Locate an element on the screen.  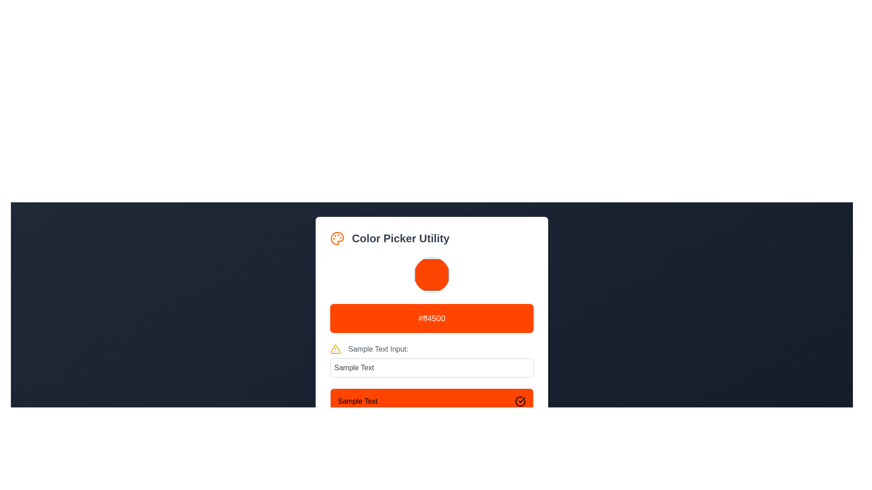
displayed hexadecimal color code '#ff4500' from the display element located below the circular icon and above the text labeled 'Sample Text Input:' within the white card is located at coordinates (431, 323).